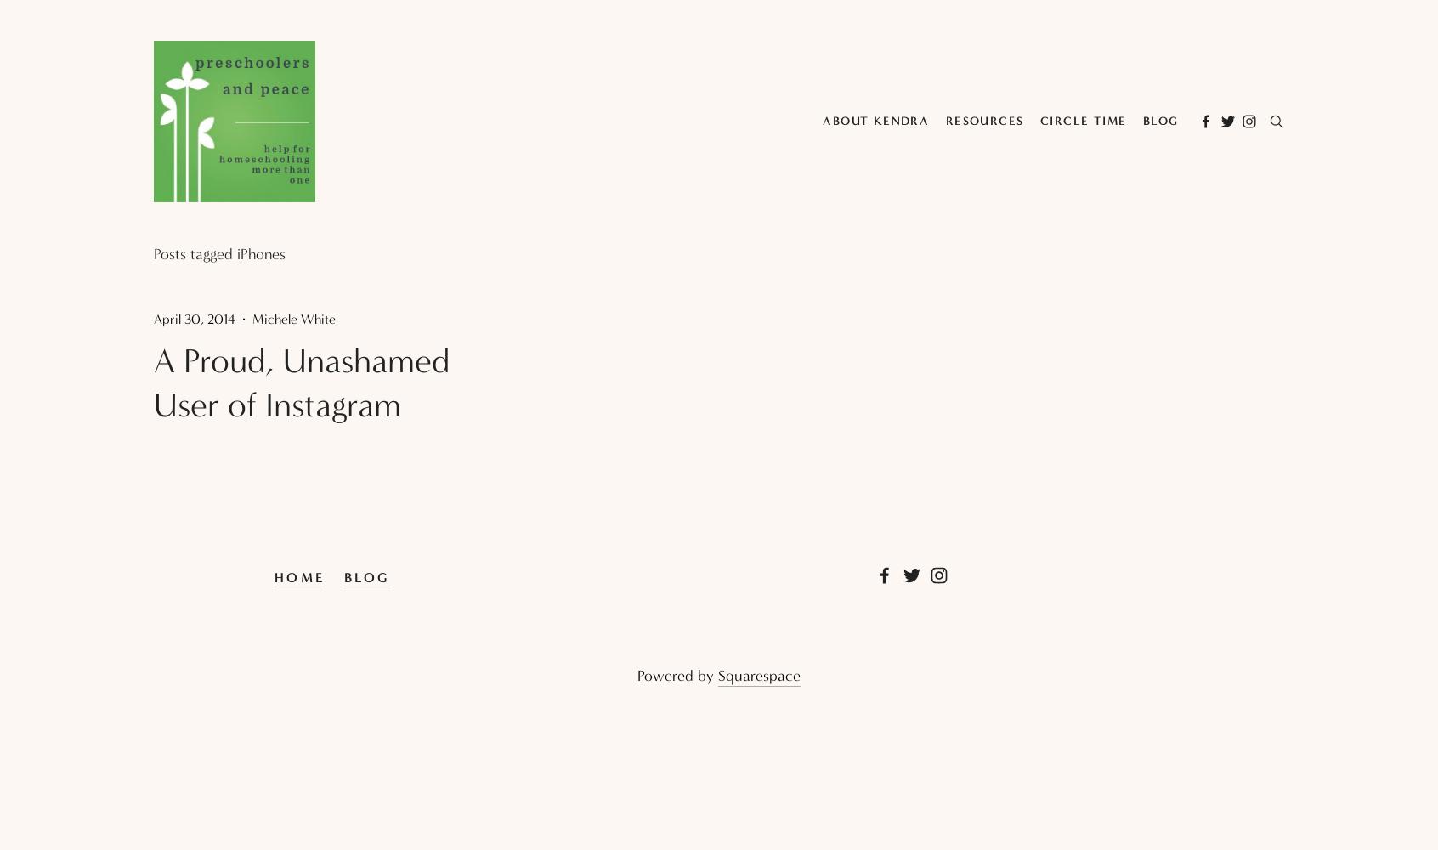  Describe the element at coordinates (153, 317) in the screenshot. I see `'April 30, 2014'` at that location.